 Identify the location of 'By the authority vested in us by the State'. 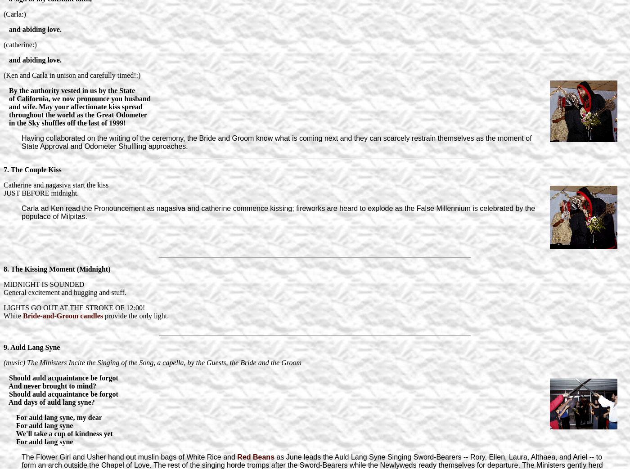
(9, 89).